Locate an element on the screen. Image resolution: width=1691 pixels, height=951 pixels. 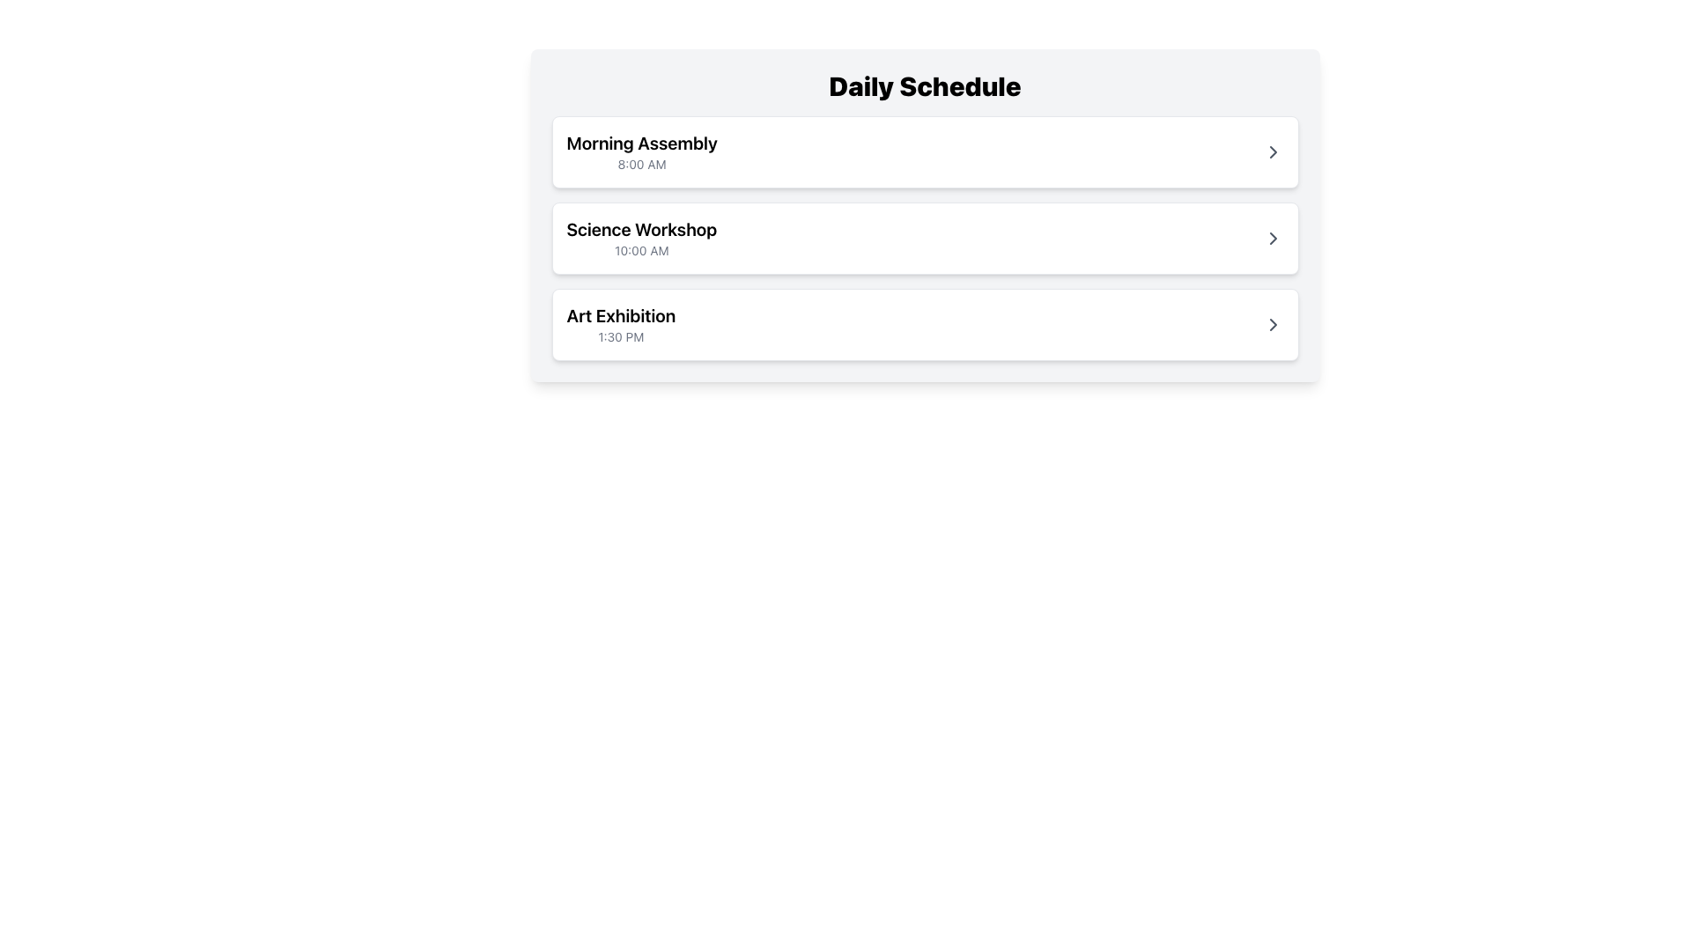
the button located at the far right of the 'Science Workshop' entry in the 'Daily Schedule' interface is located at coordinates (1273, 238).